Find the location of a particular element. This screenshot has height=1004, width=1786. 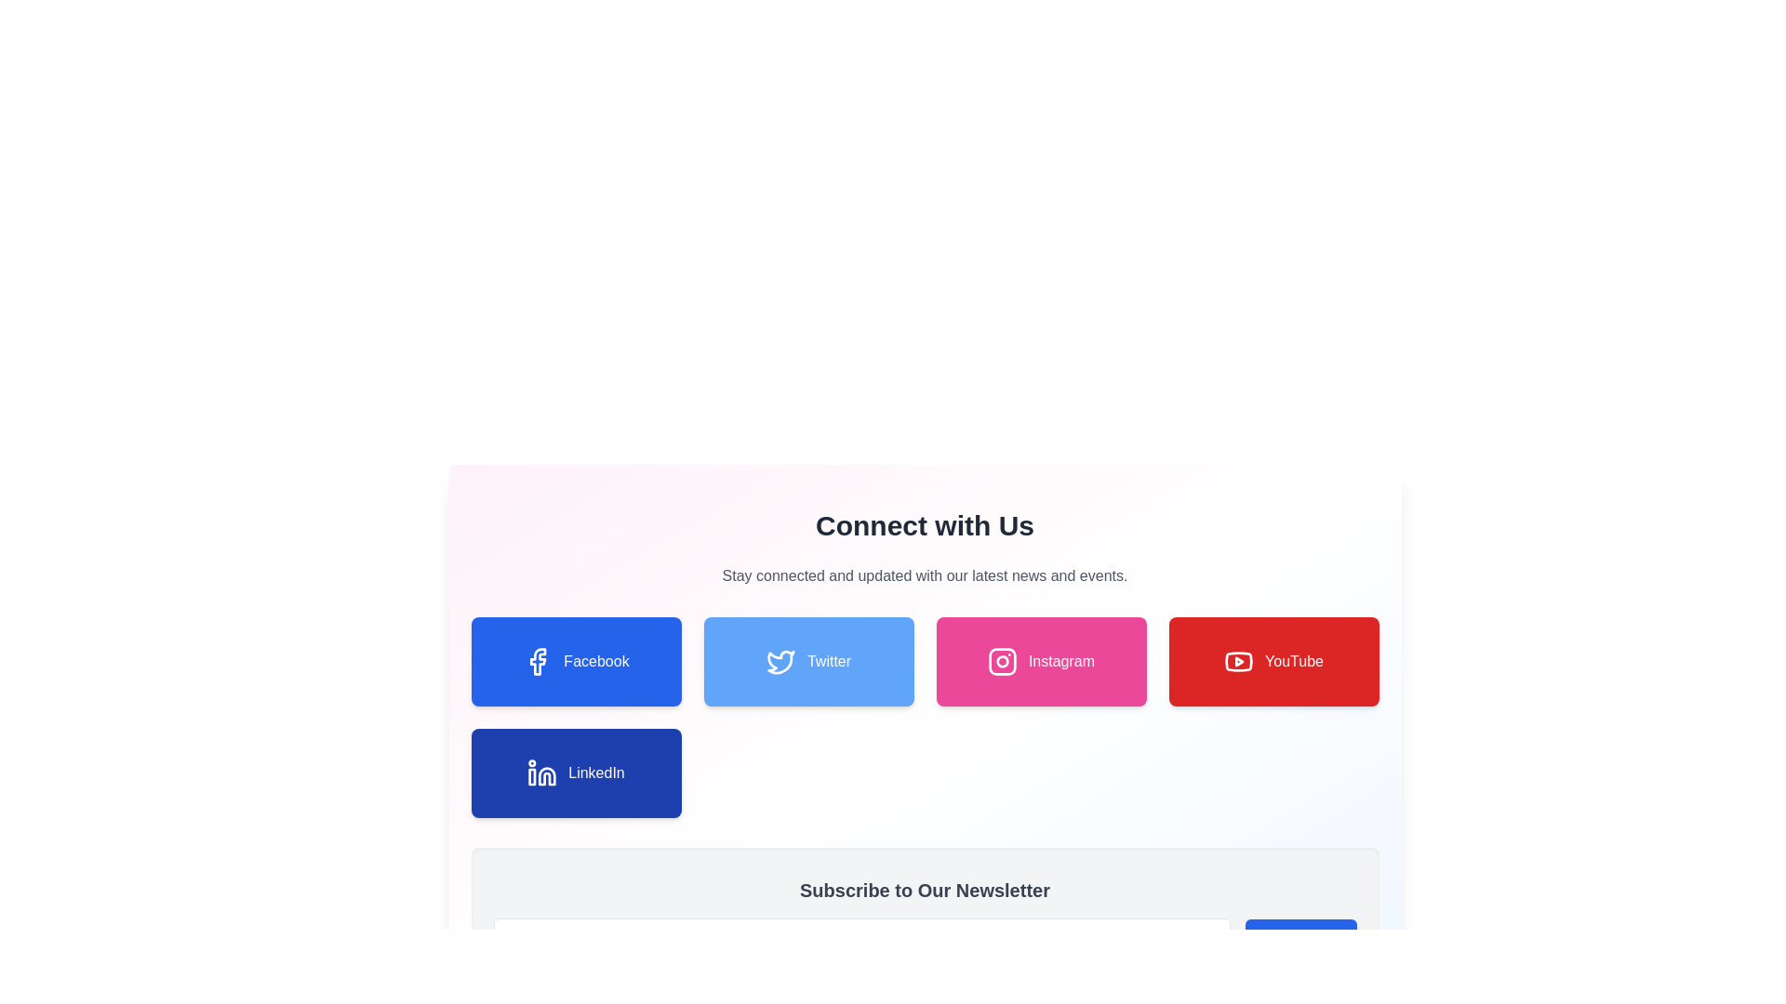

the text element that contains 'Stay connected and updated with our latest news and events.', which is styled with a light gray font and centered alignment, located below the header 'Connect with Us' is located at coordinates (925, 575).